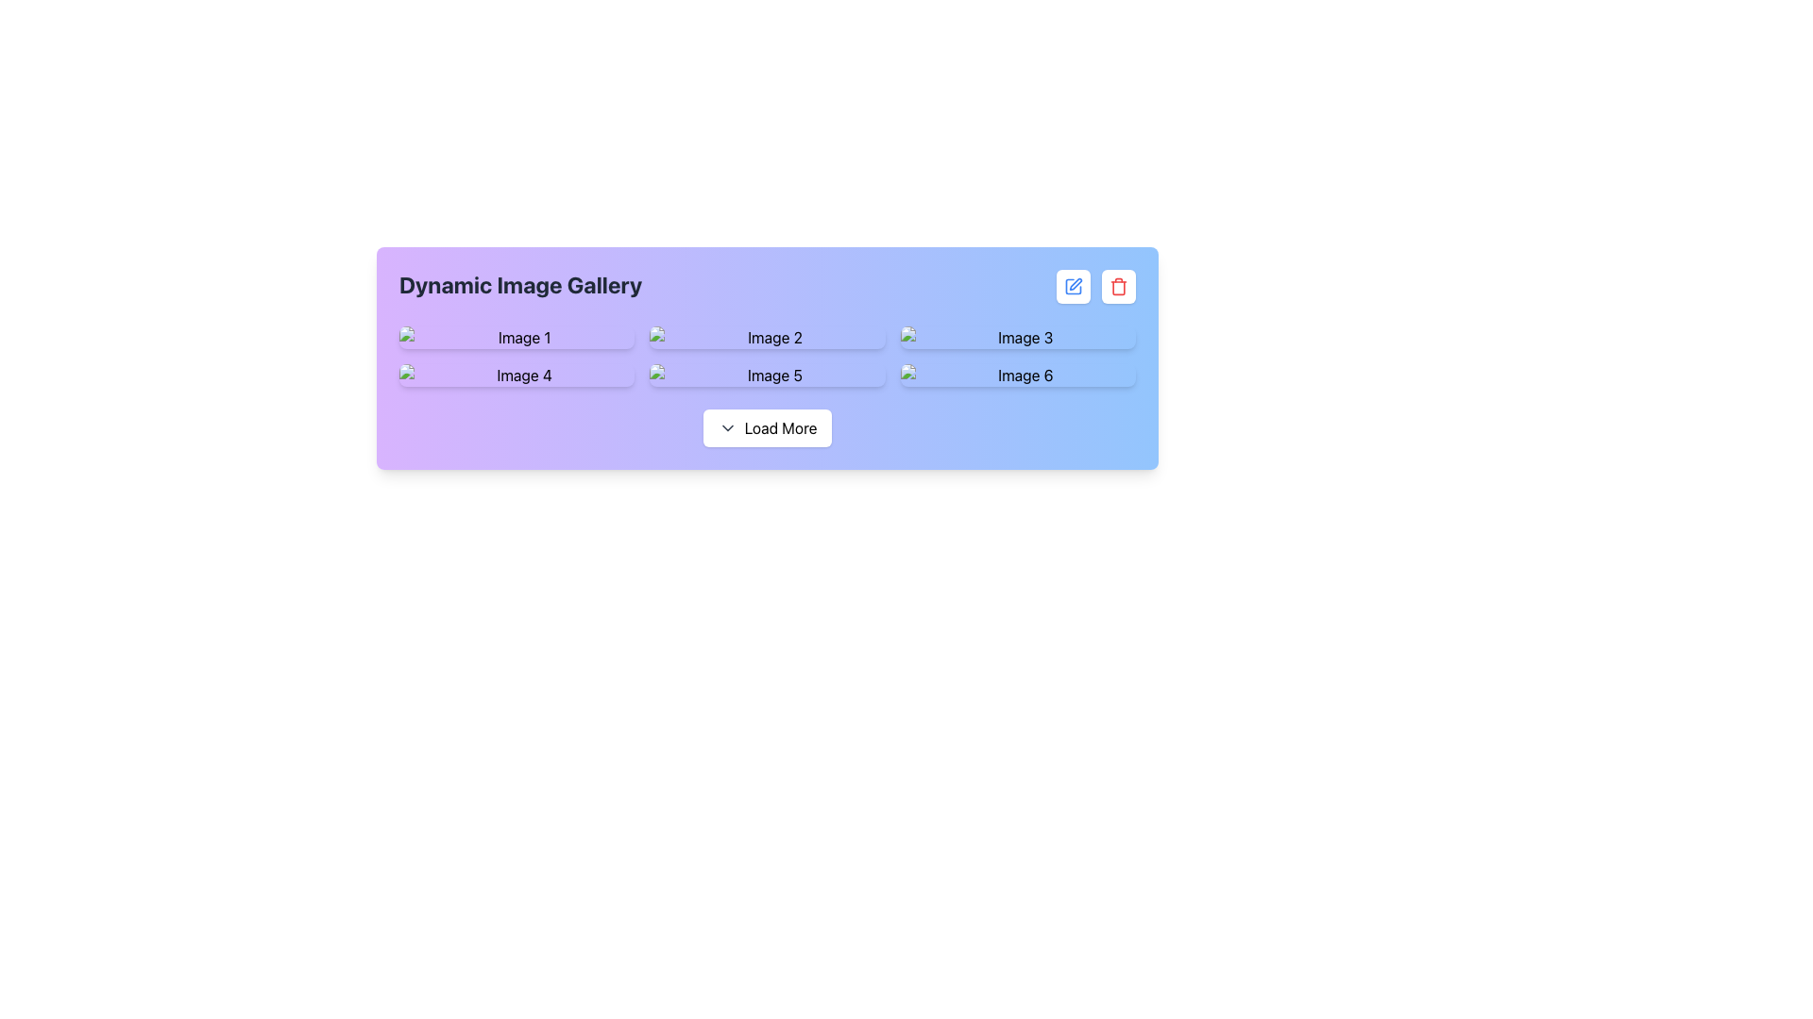 The height and width of the screenshot is (1019, 1813). What do you see at coordinates (1074, 287) in the screenshot?
I see `the edit button located in the top-right section of the card, identified by the pen icon` at bounding box center [1074, 287].